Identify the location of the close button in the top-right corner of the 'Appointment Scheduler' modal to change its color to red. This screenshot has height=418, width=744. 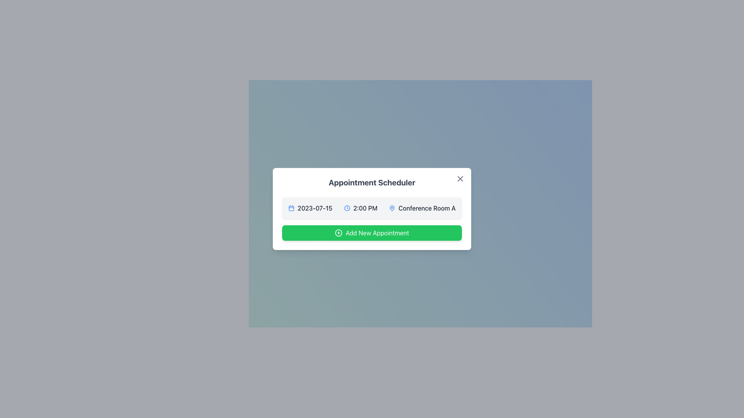
(460, 179).